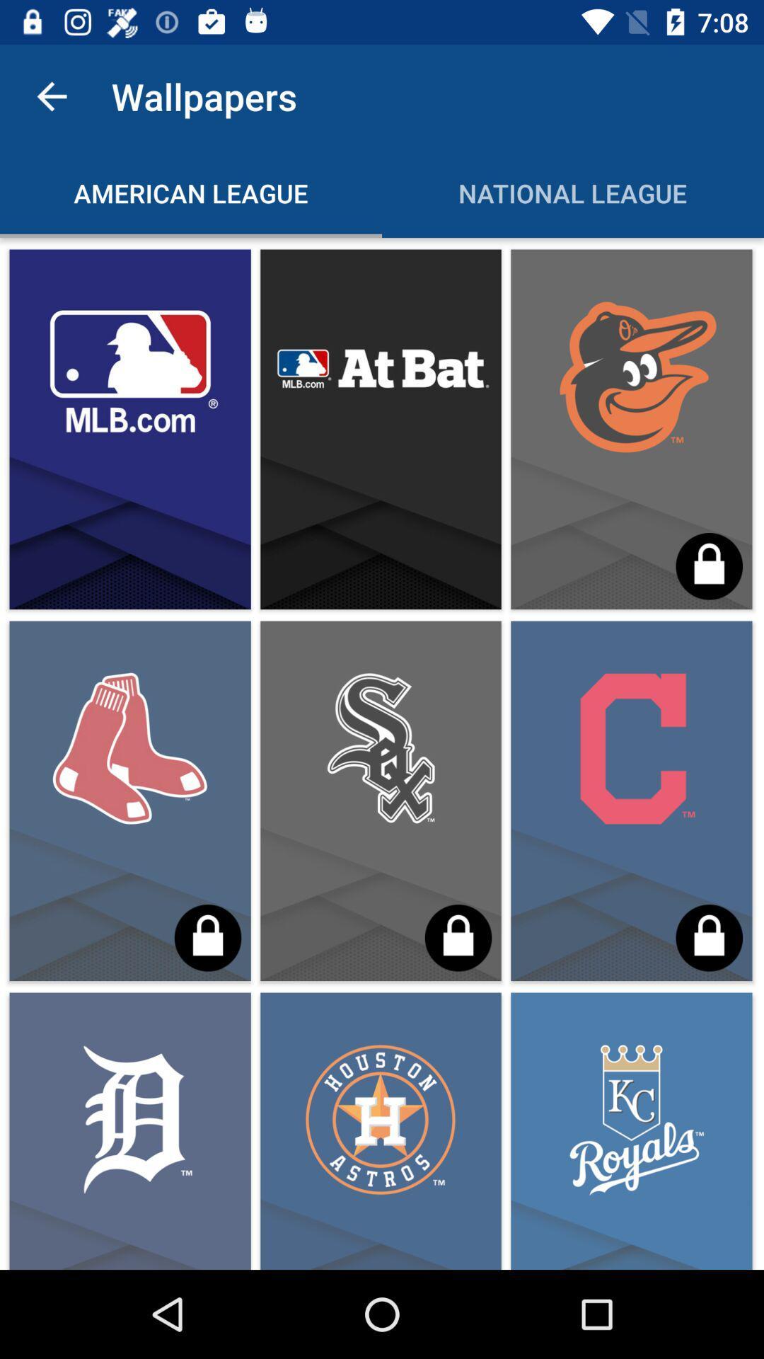 Image resolution: width=764 pixels, height=1359 pixels. What do you see at coordinates (51, 96) in the screenshot?
I see `the app to the left of the wallpapers` at bounding box center [51, 96].